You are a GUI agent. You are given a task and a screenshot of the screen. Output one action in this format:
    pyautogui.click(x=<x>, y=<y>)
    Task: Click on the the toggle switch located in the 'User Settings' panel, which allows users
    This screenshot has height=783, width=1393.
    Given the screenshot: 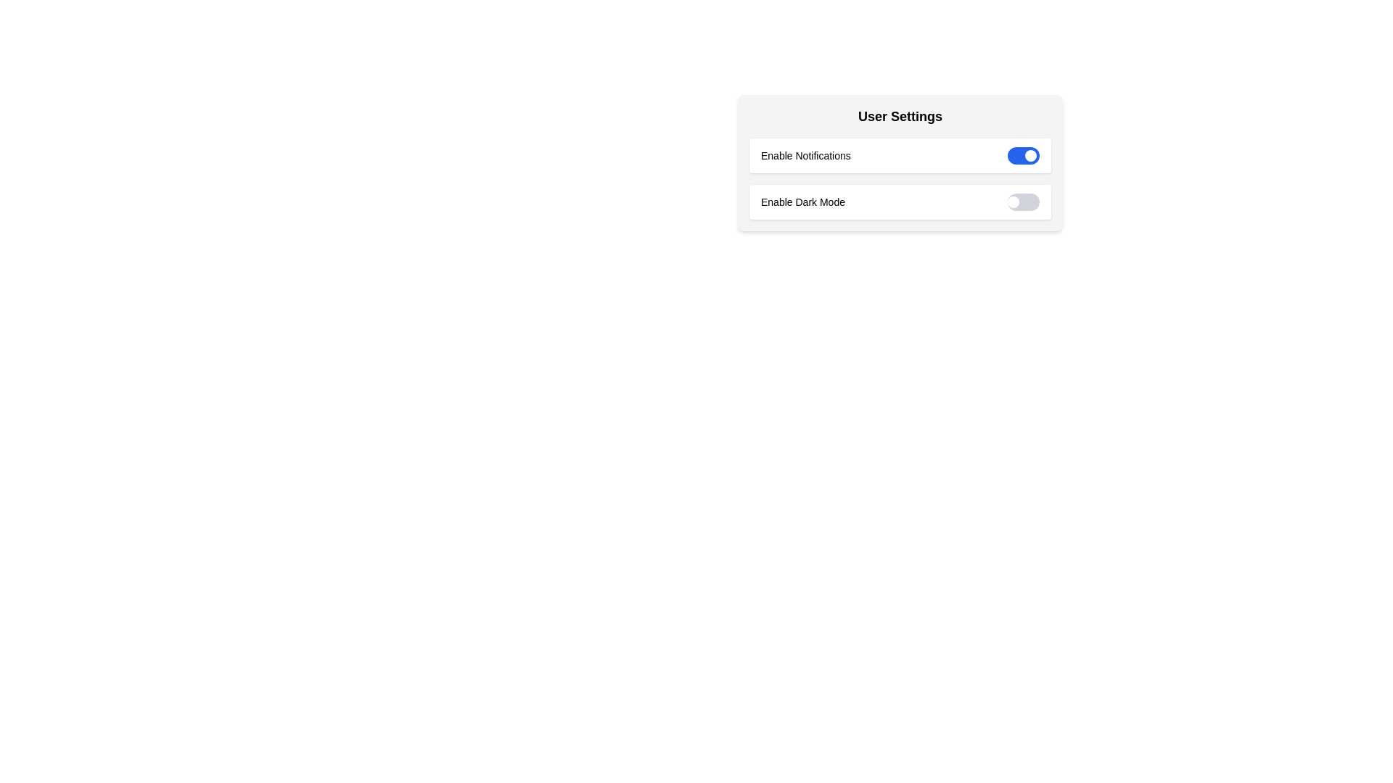 What is the action you would take?
    pyautogui.click(x=900, y=178)
    